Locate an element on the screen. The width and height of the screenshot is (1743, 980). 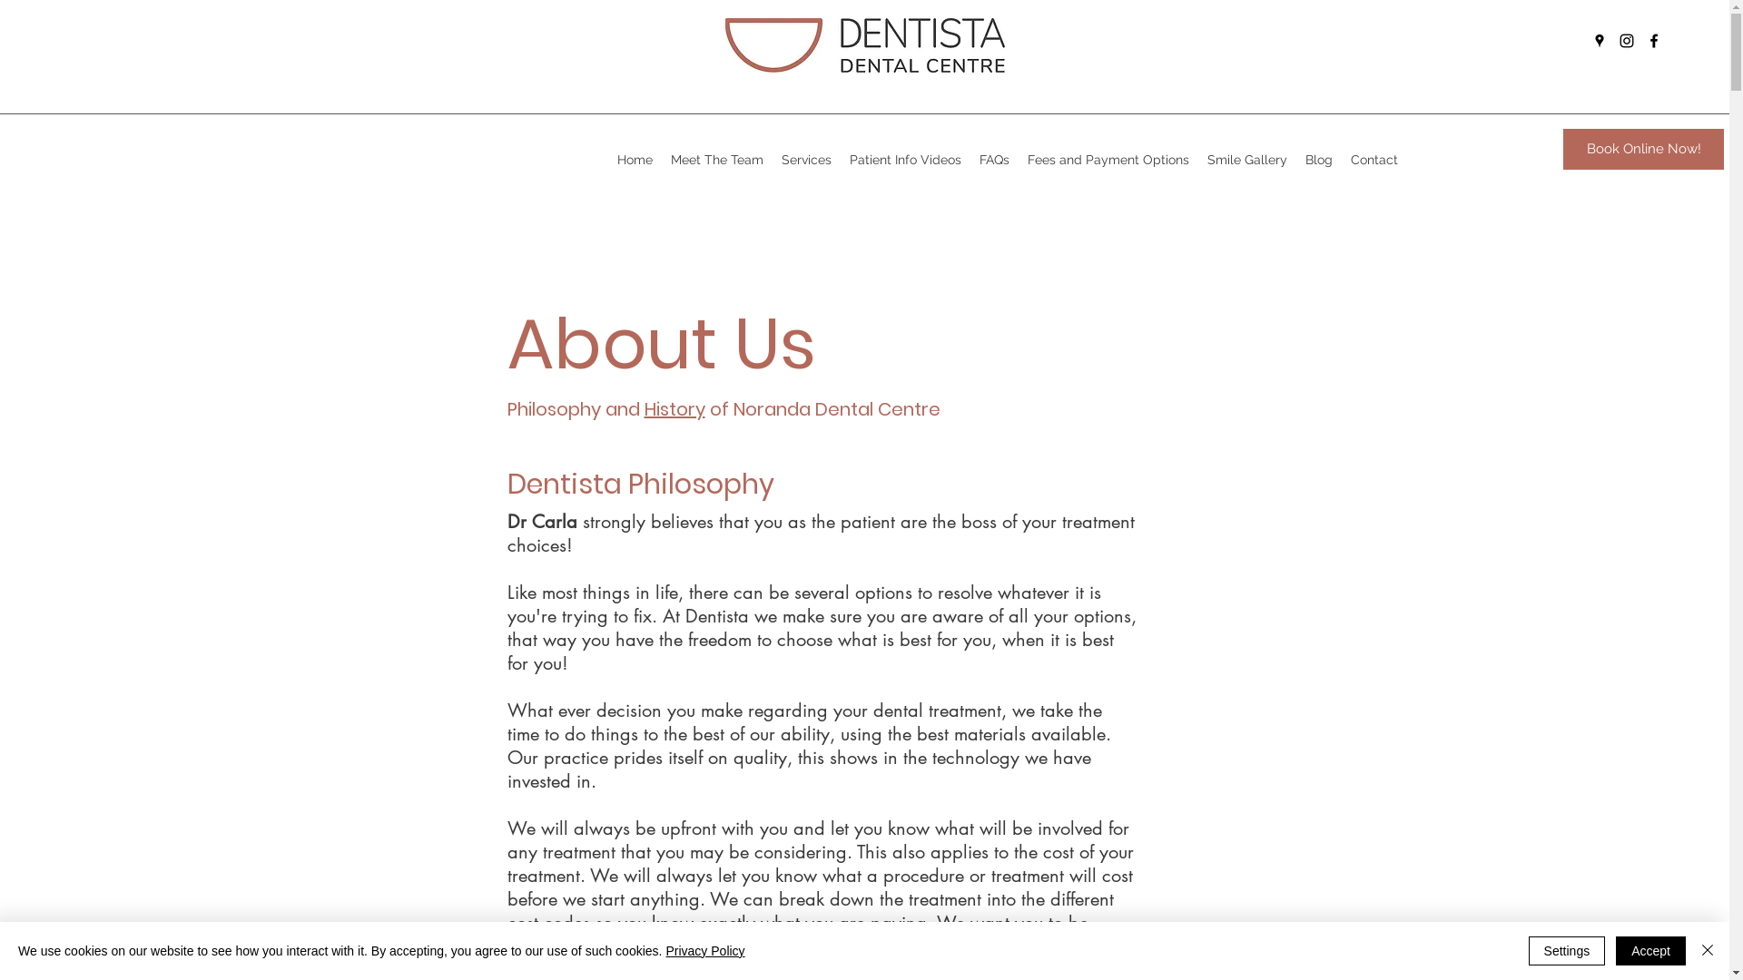
'History' is located at coordinates (674, 409).